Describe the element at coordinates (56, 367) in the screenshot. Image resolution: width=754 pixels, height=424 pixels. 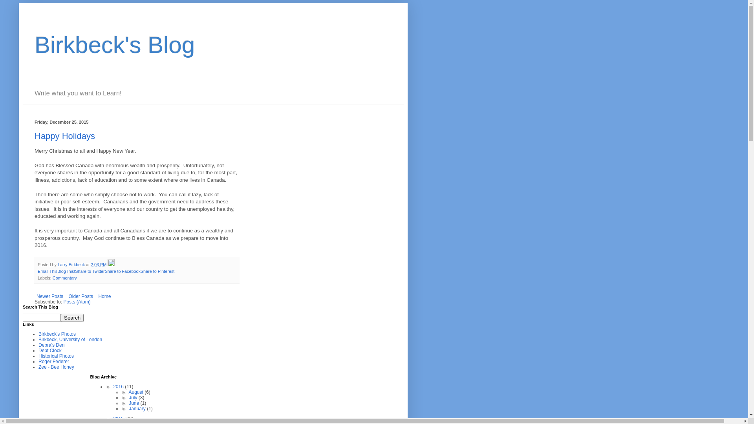
I see `'Zee - Bee Honey'` at that location.